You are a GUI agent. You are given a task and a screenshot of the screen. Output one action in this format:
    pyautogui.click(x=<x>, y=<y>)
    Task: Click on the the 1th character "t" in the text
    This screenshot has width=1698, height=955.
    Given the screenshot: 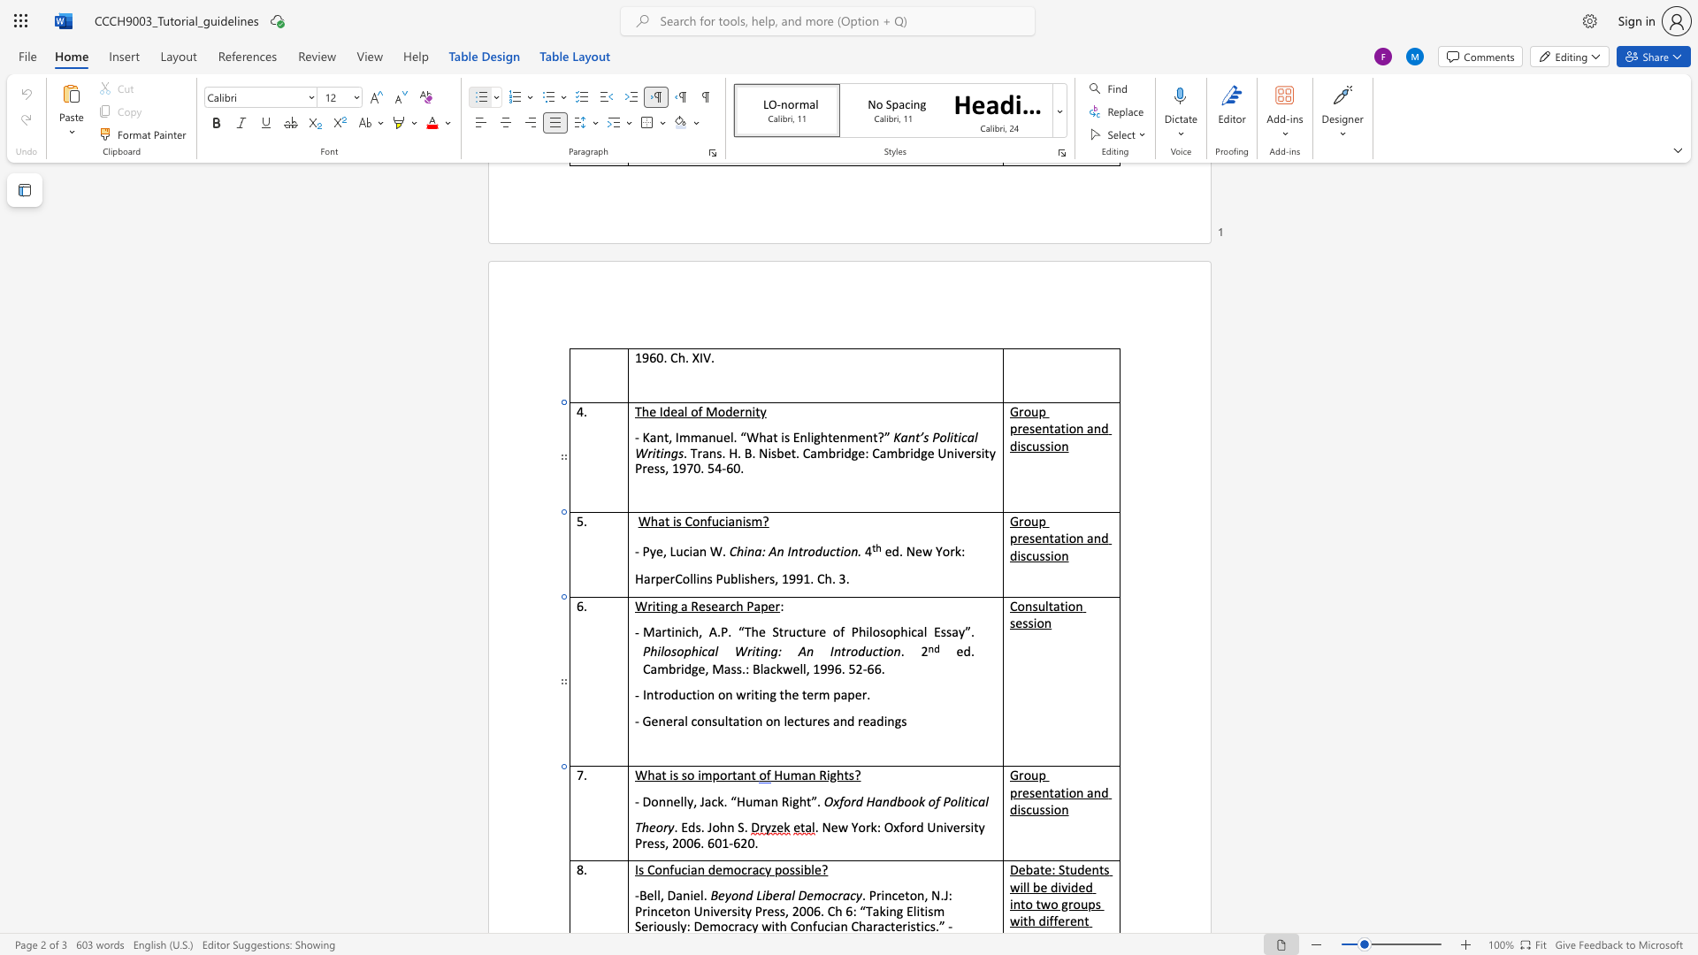 What is the action you would take?
    pyautogui.click(x=655, y=693)
    